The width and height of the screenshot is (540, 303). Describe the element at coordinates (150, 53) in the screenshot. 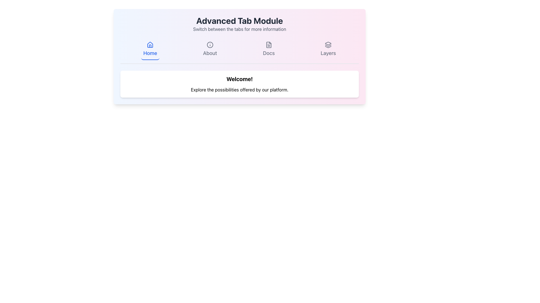

I see `the 'Home' text element within the navigation button` at that location.